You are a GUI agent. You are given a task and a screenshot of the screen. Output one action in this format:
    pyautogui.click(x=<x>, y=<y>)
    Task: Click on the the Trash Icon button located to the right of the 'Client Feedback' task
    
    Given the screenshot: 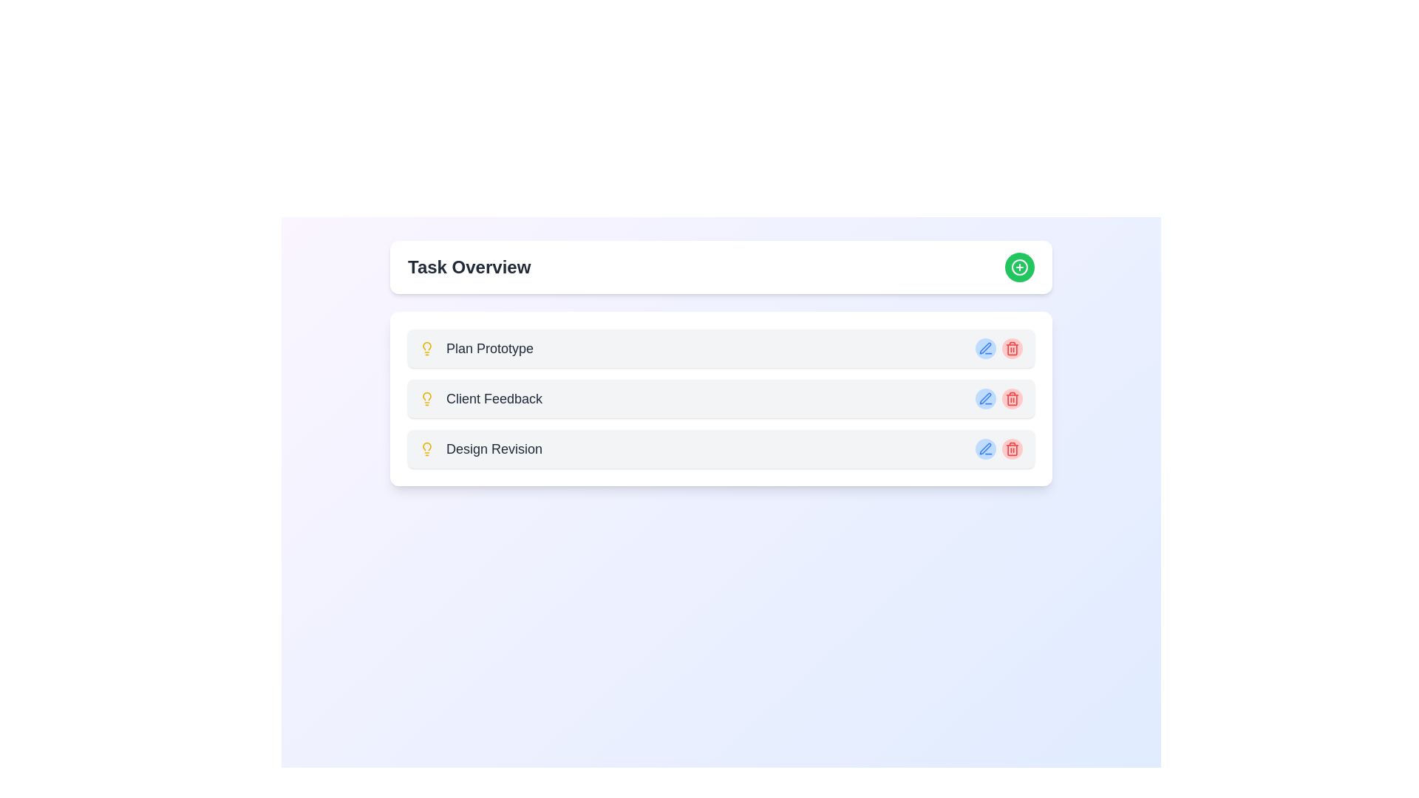 What is the action you would take?
    pyautogui.click(x=1011, y=399)
    